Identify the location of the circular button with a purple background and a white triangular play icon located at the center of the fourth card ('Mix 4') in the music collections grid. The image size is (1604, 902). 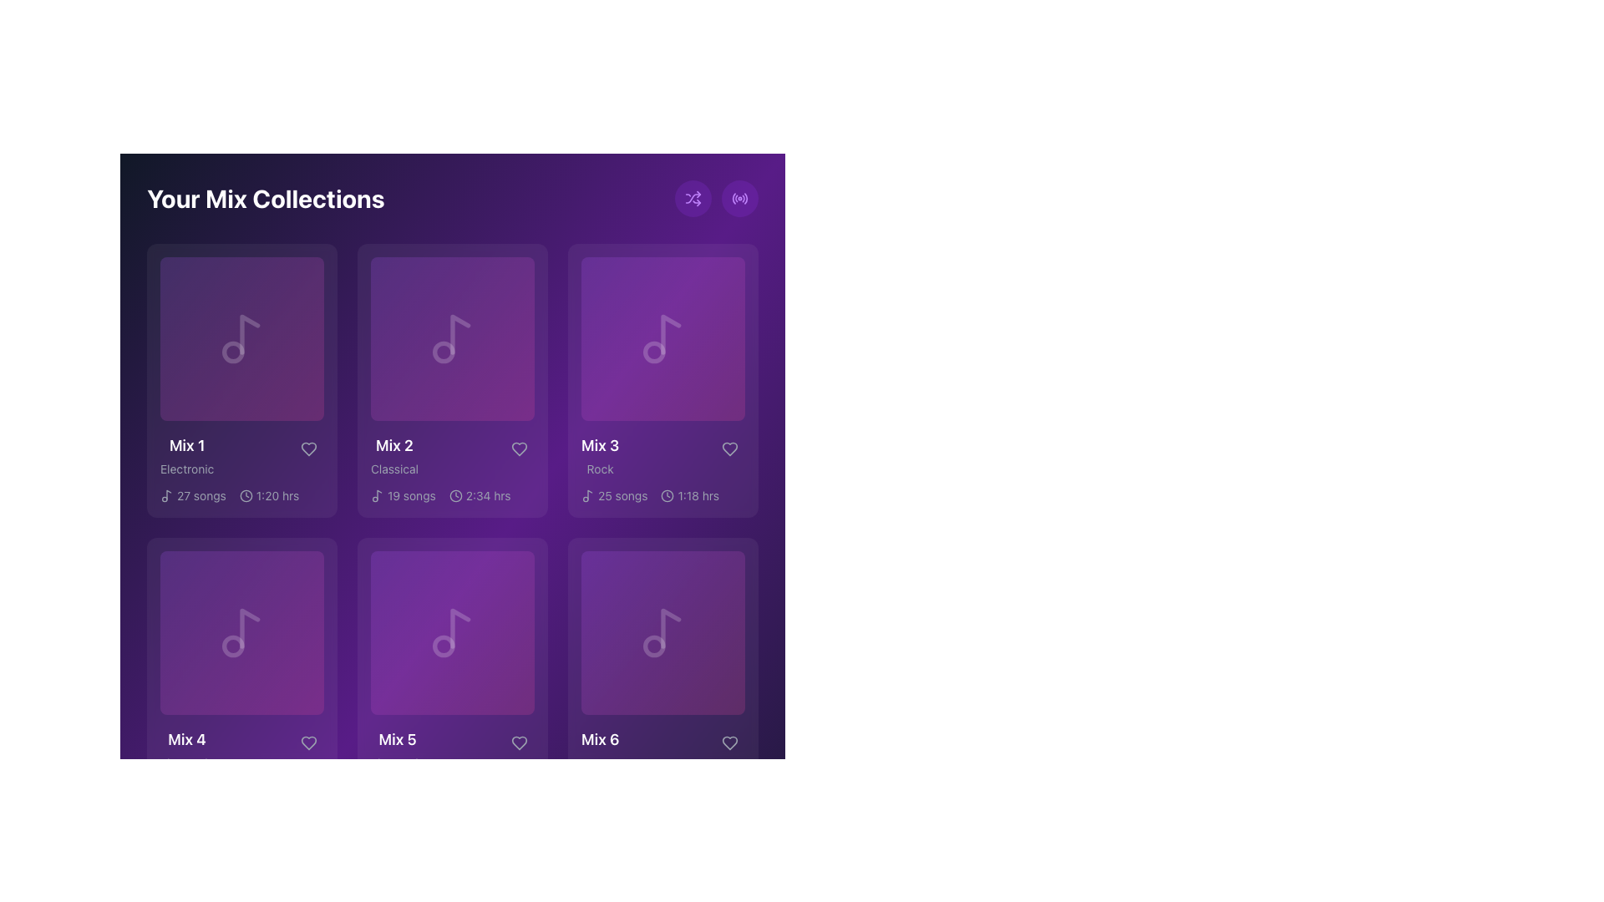
(241, 633).